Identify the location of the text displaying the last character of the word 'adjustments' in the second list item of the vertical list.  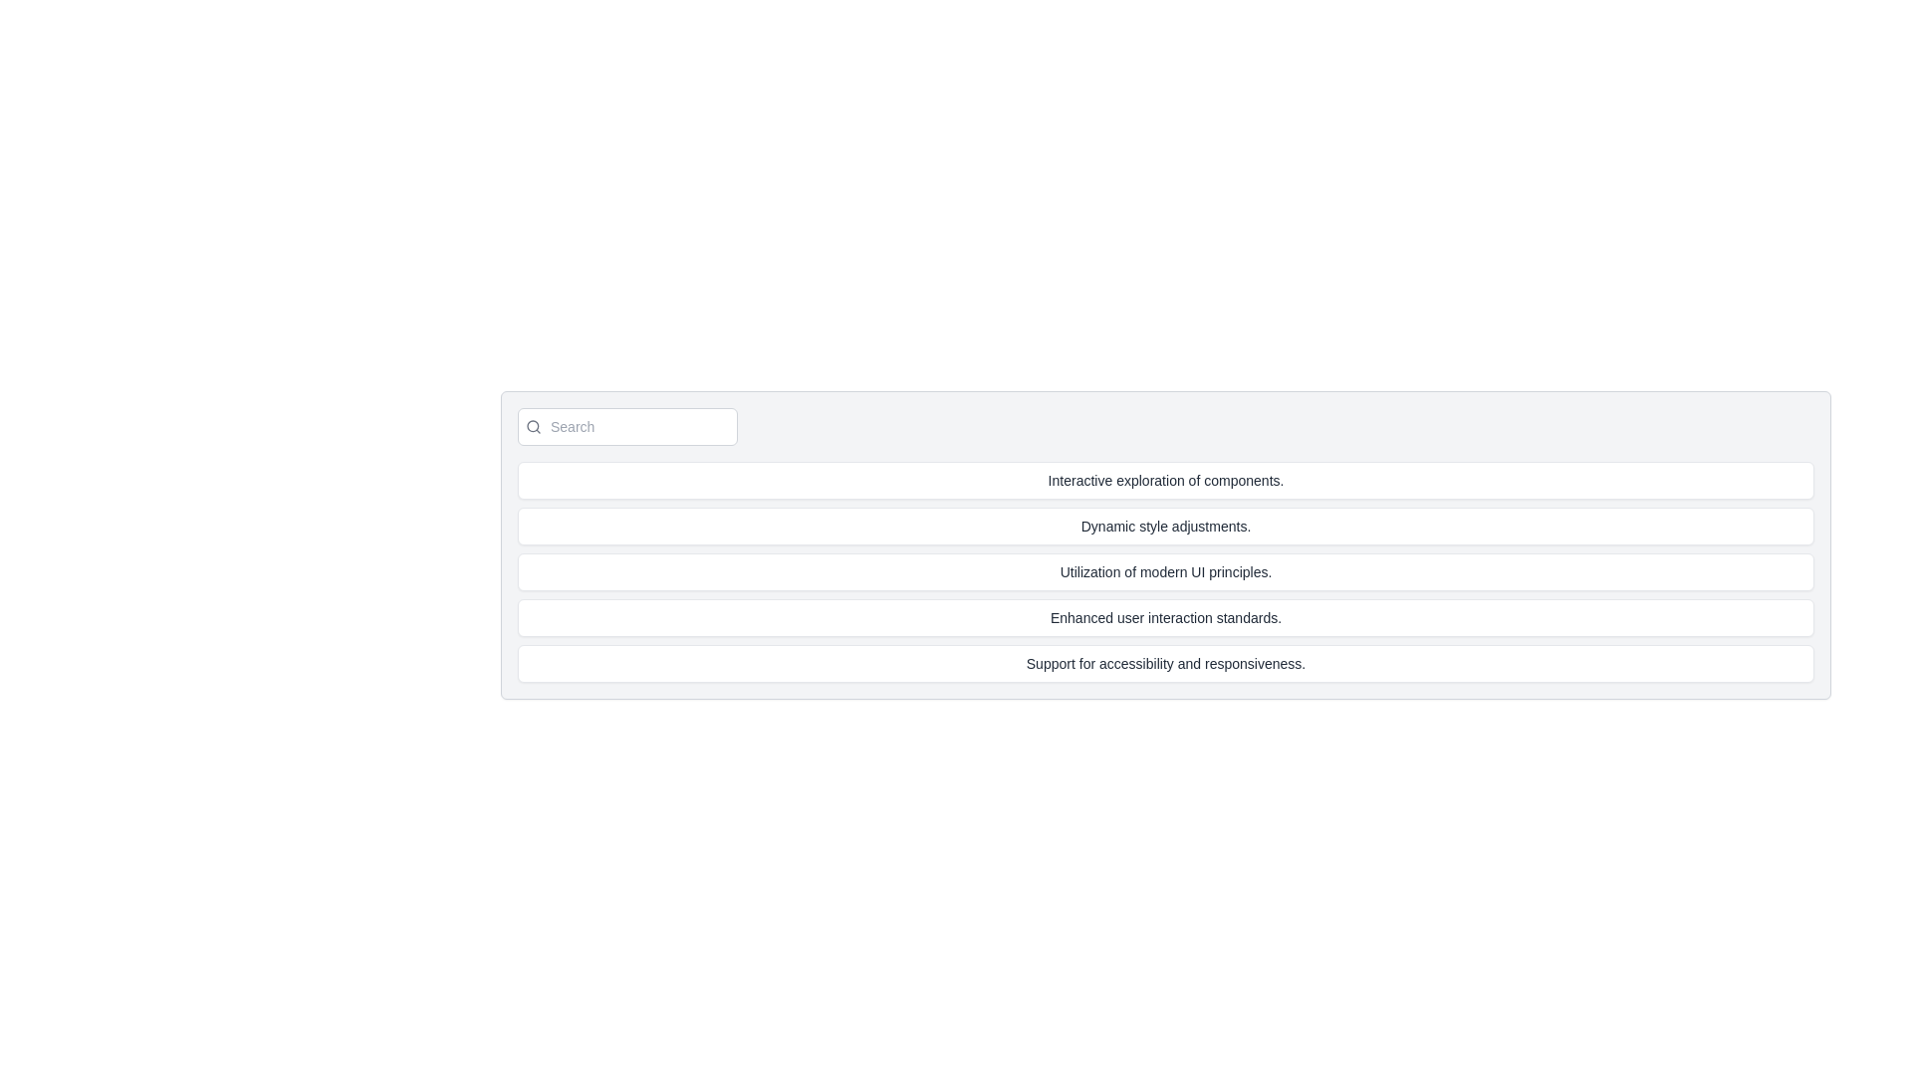
(1183, 525).